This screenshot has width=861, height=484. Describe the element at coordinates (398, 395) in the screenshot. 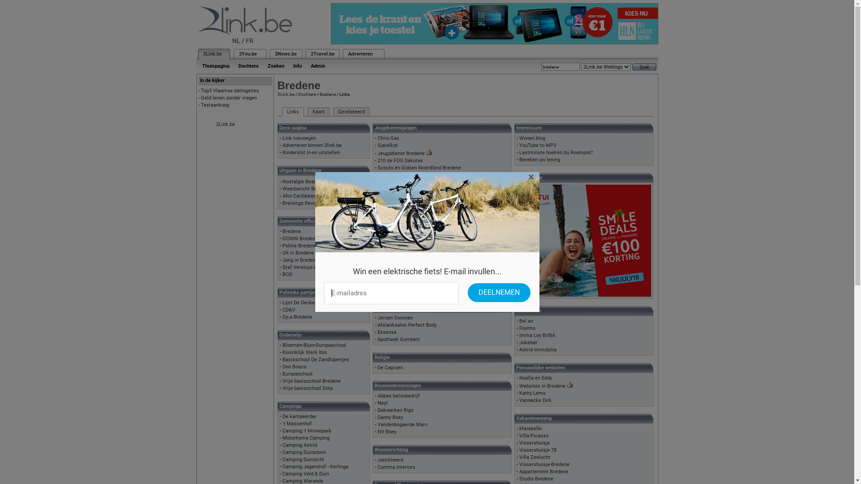

I see `'Abbas betonbedrijf'` at that location.